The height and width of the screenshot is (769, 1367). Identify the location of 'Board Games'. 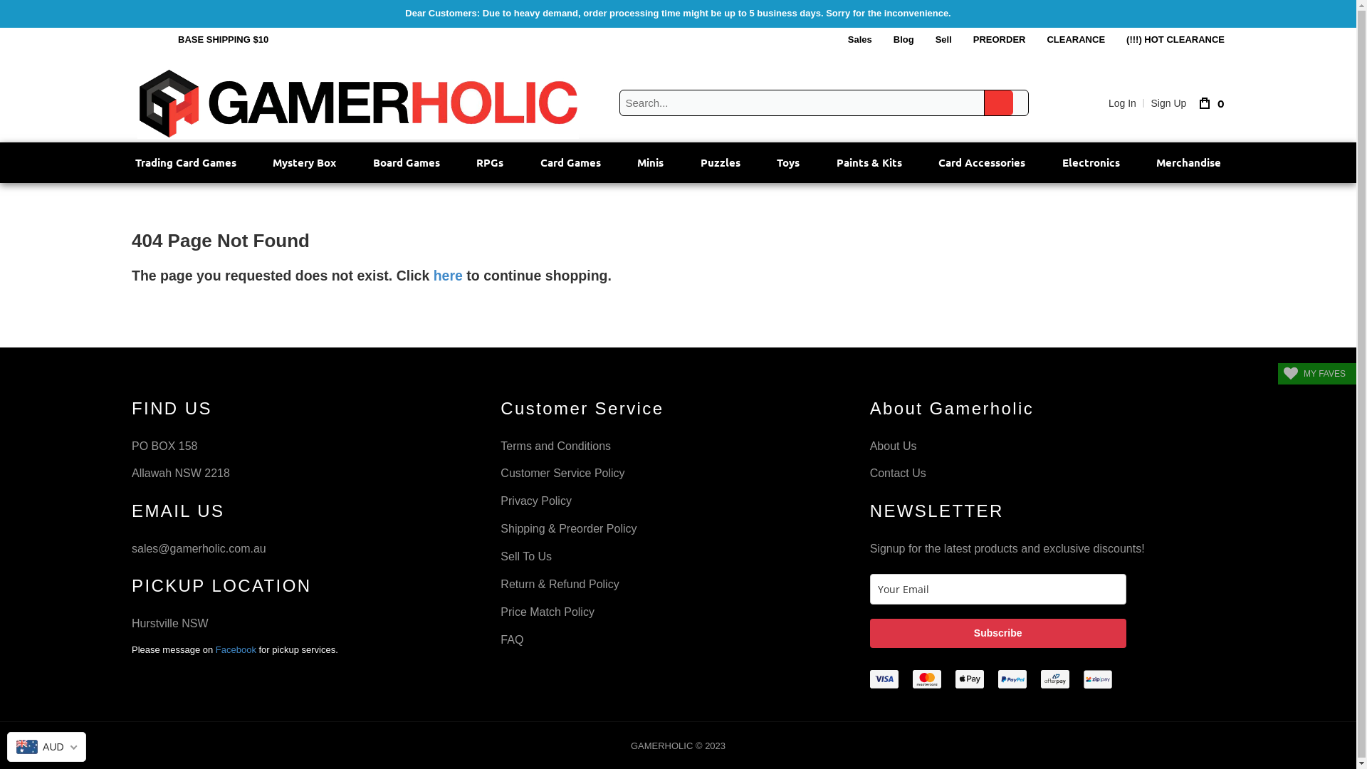
(406, 162).